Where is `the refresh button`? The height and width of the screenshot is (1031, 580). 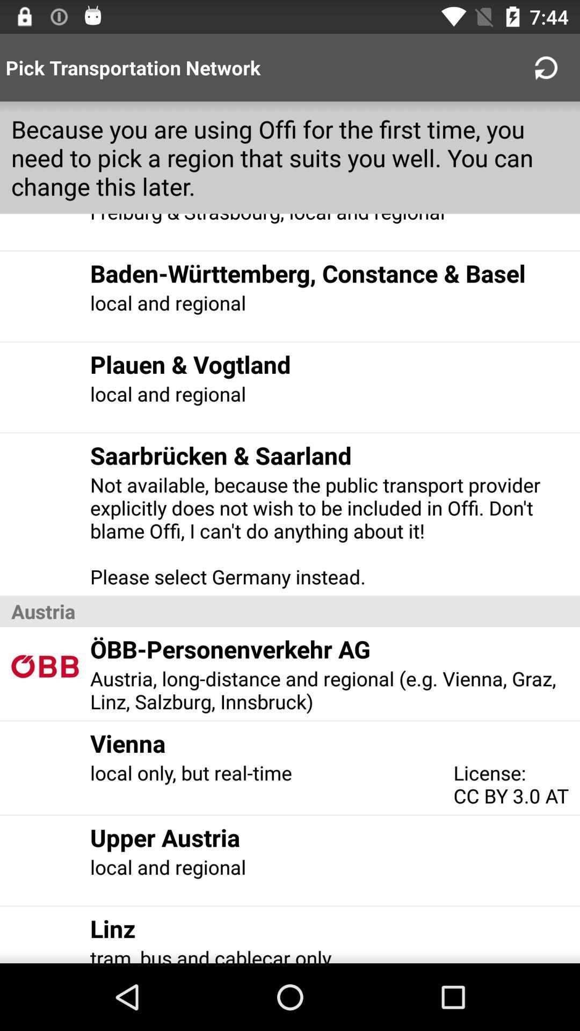 the refresh button is located at coordinates (546, 67).